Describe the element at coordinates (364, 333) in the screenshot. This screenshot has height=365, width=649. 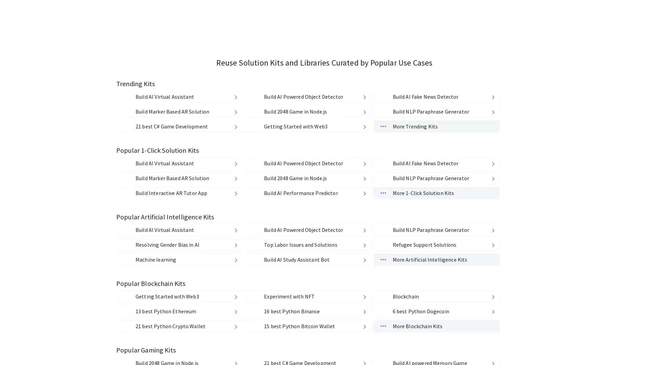
I see `delete` at that location.